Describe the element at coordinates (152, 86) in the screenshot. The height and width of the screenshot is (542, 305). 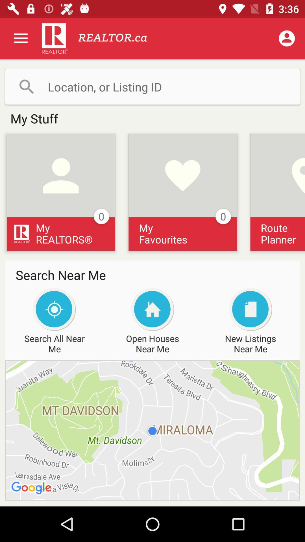
I see `search location` at that location.